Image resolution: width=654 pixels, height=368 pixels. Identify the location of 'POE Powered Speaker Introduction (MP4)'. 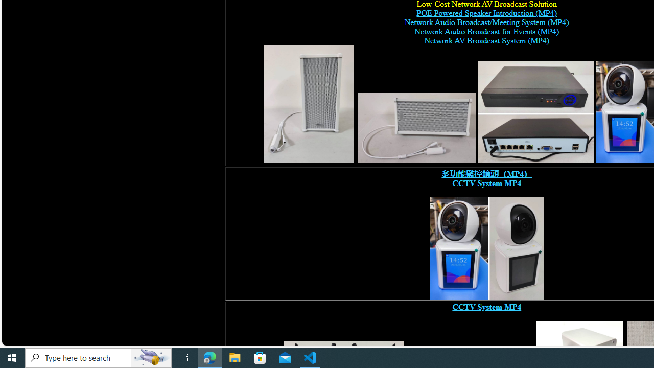
(486, 13).